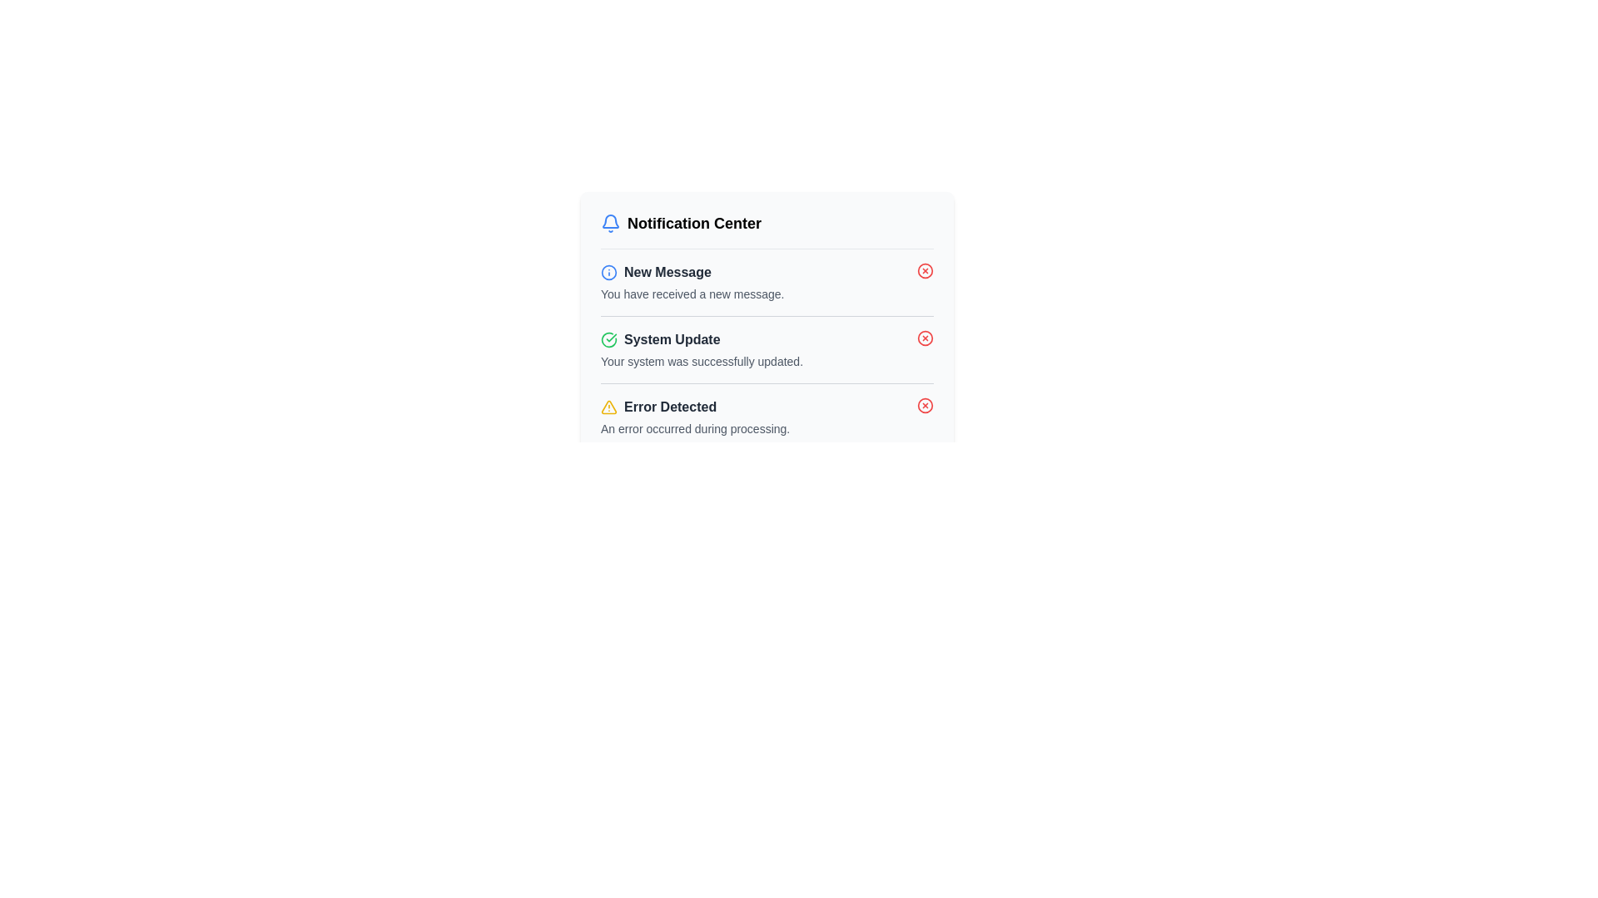 The height and width of the screenshot is (898, 1598). Describe the element at coordinates (692, 281) in the screenshot. I see `the Notification Entry that informs the user about receiving a new message, located below 'Notification Center'` at that location.